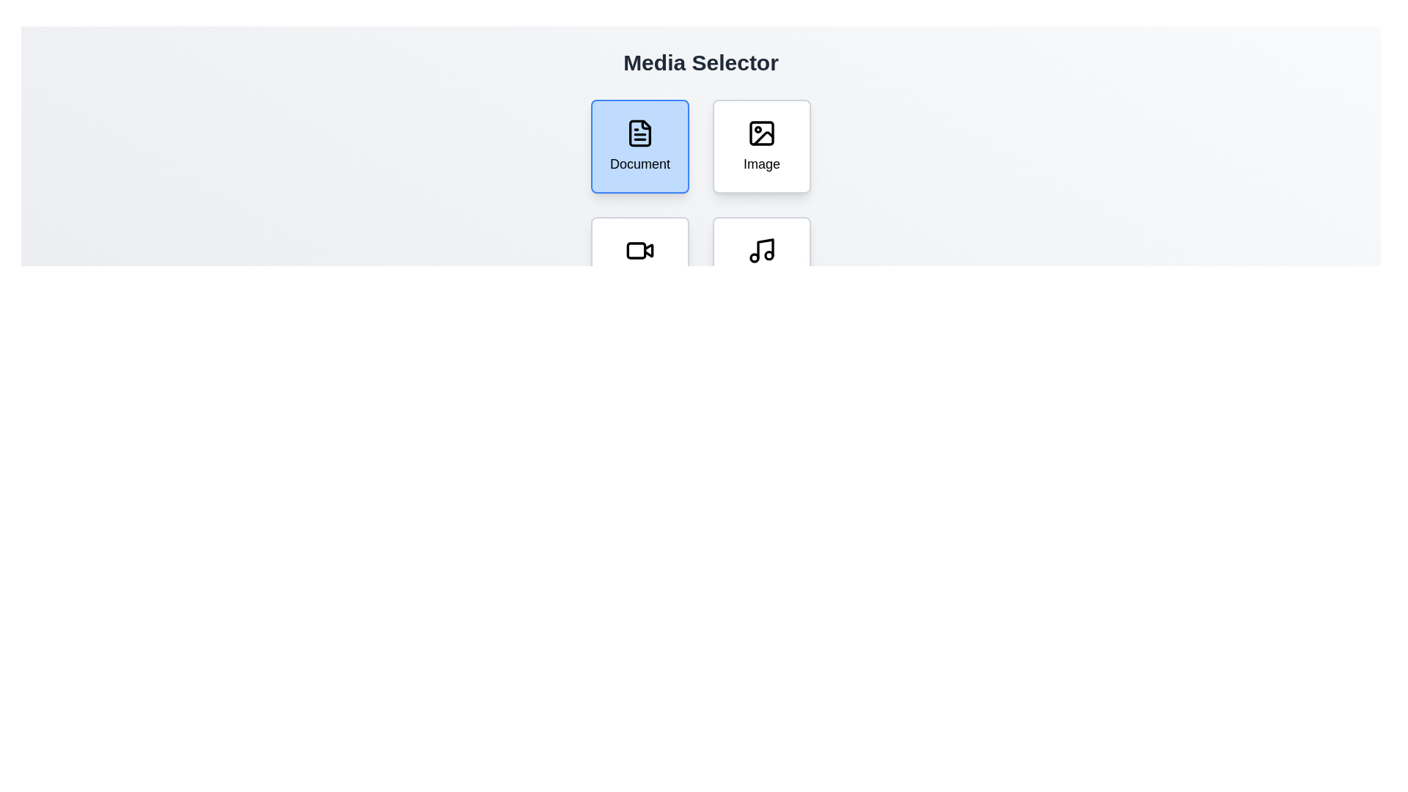 The image size is (1408, 792). Describe the element at coordinates (640, 147) in the screenshot. I see `the Document button to select it` at that location.